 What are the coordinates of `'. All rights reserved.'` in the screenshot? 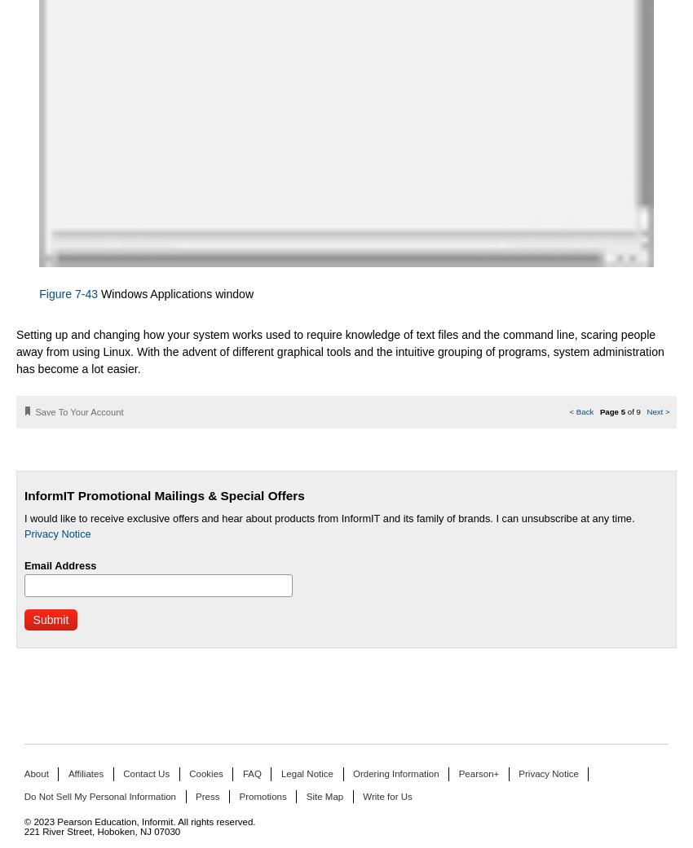 It's located at (213, 822).